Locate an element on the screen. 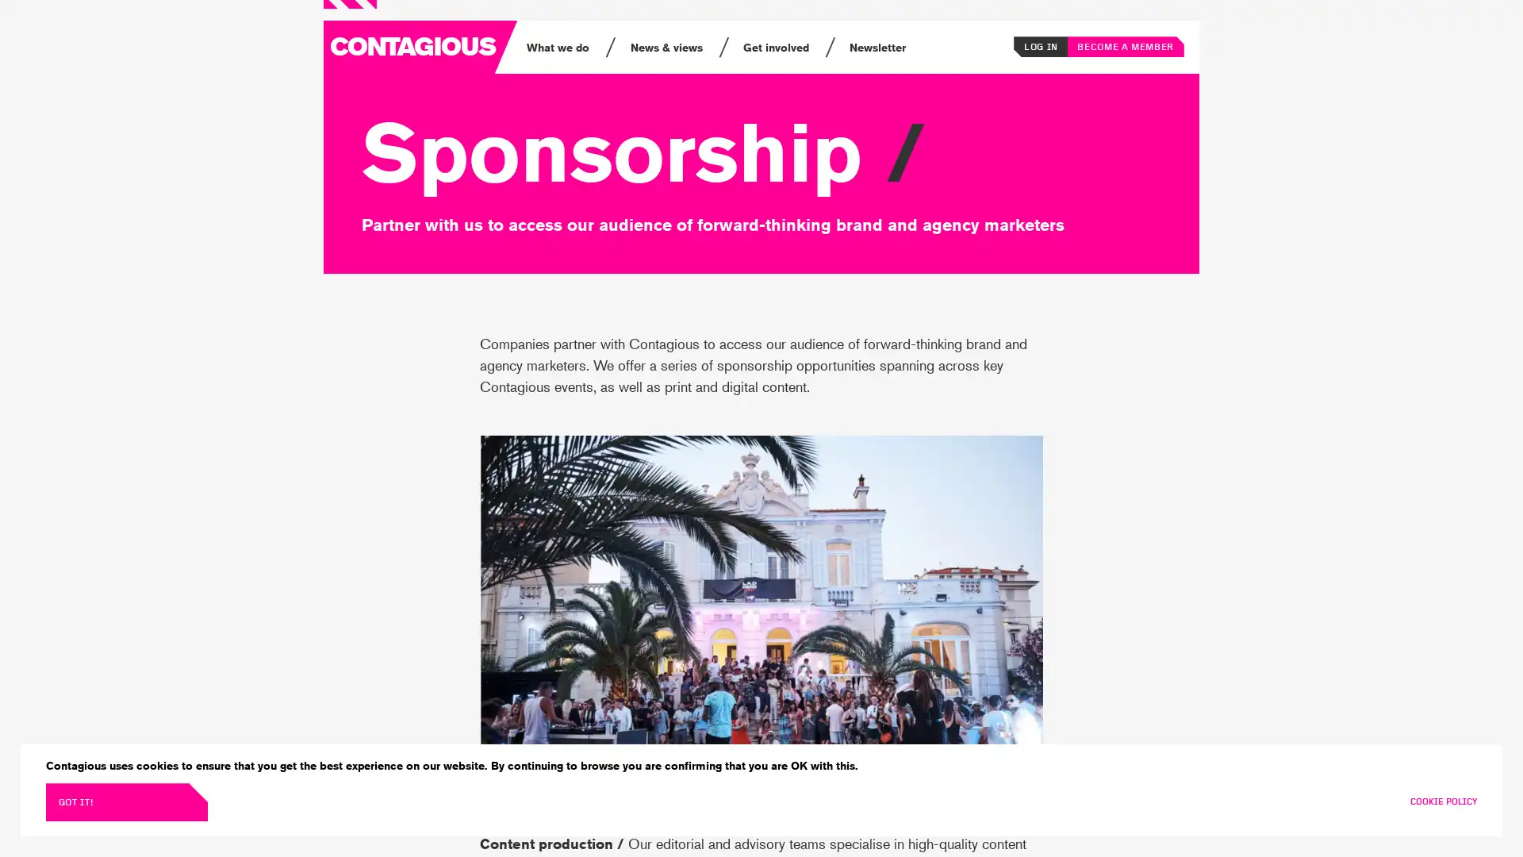 The image size is (1523, 857). GOT IT! is located at coordinates (125, 801).